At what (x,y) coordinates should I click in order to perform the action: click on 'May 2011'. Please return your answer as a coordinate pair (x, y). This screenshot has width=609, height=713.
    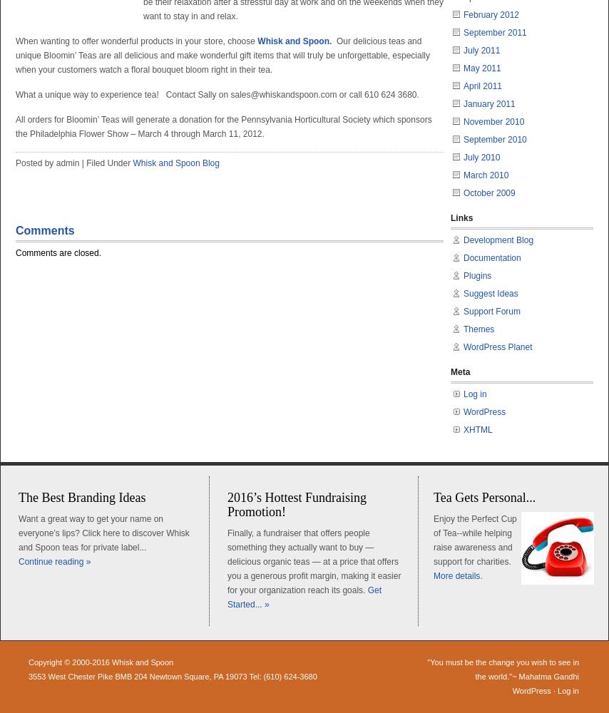
    Looking at the image, I should click on (481, 68).